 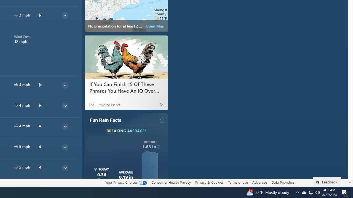 What do you see at coordinates (319, 182) in the screenshot?
I see `'Class: feedback_link_icon-DS-EntryPoint1-1'` at bounding box center [319, 182].